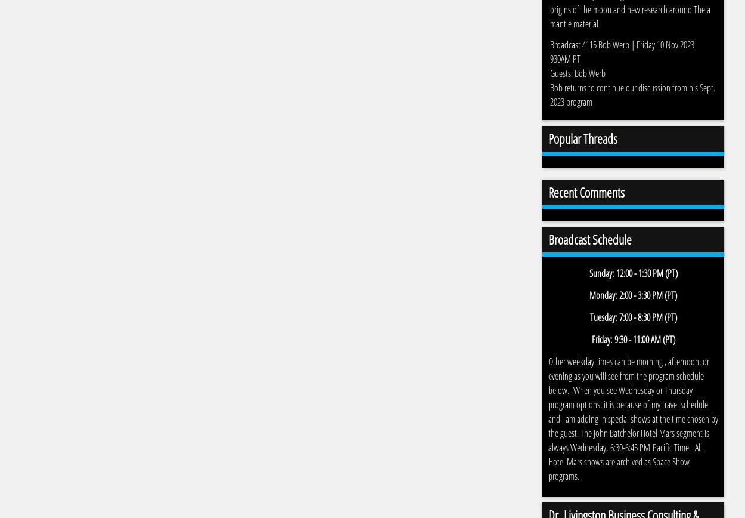 Image resolution: width=745 pixels, height=518 pixels. I want to click on 'Broadcast Schedule', so click(589, 239).